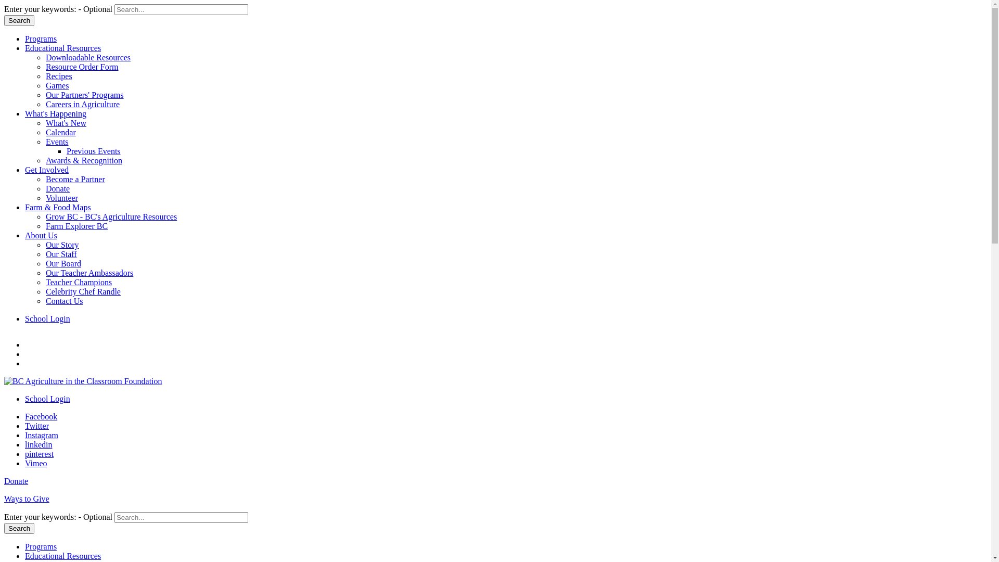  I want to click on 'pinterest', so click(25, 453).